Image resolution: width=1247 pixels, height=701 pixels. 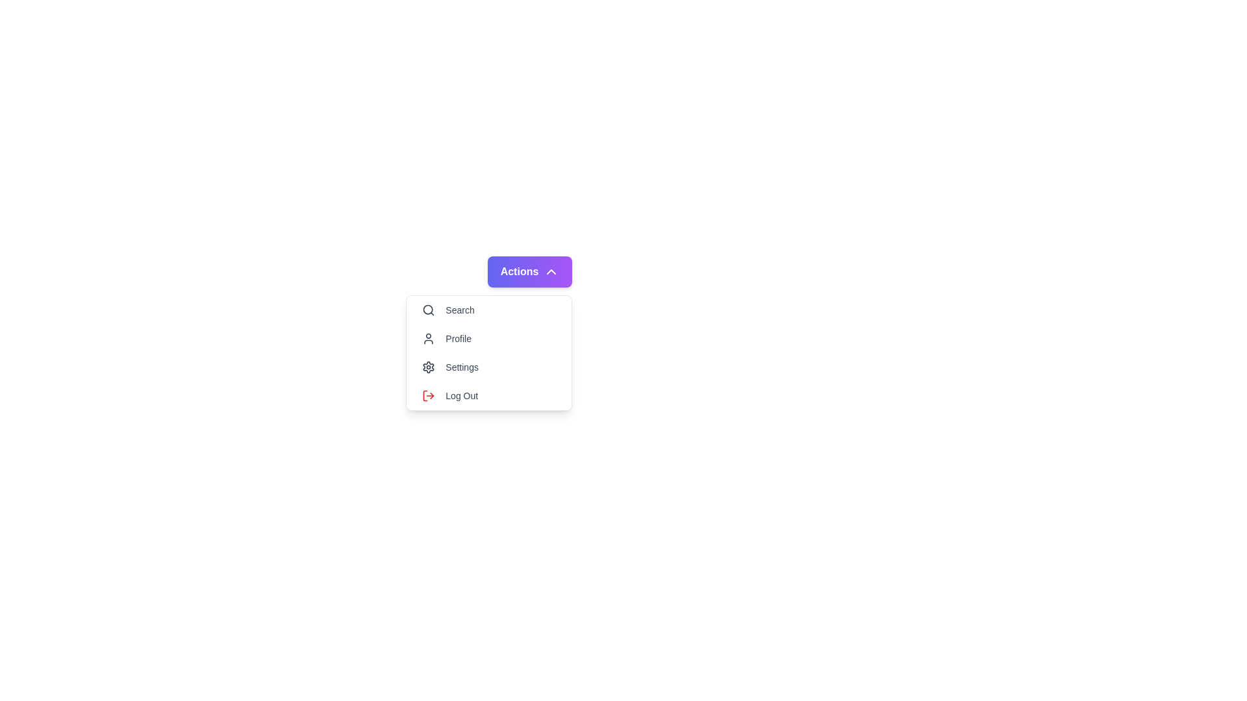 What do you see at coordinates (462, 395) in the screenshot?
I see `the 'Log Out' text label in the vertical dropdown list under the 'Actions' button` at bounding box center [462, 395].